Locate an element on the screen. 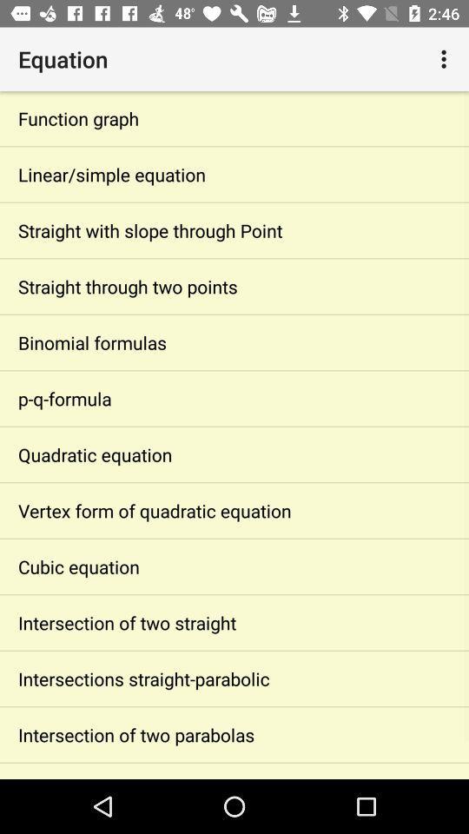 Image resolution: width=469 pixels, height=834 pixels. the function graph icon is located at coordinates (234, 117).